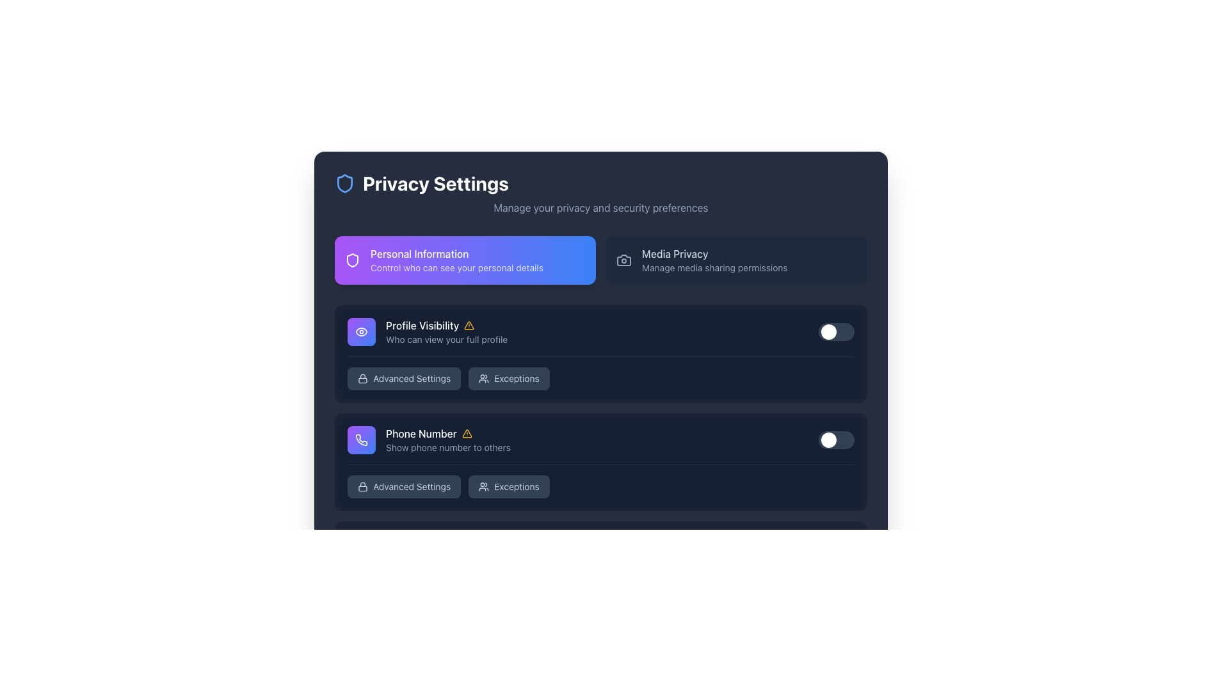  Describe the element at coordinates (600, 353) in the screenshot. I see `the toggle switch in the 'Profile Visibility' settings card` at that location.